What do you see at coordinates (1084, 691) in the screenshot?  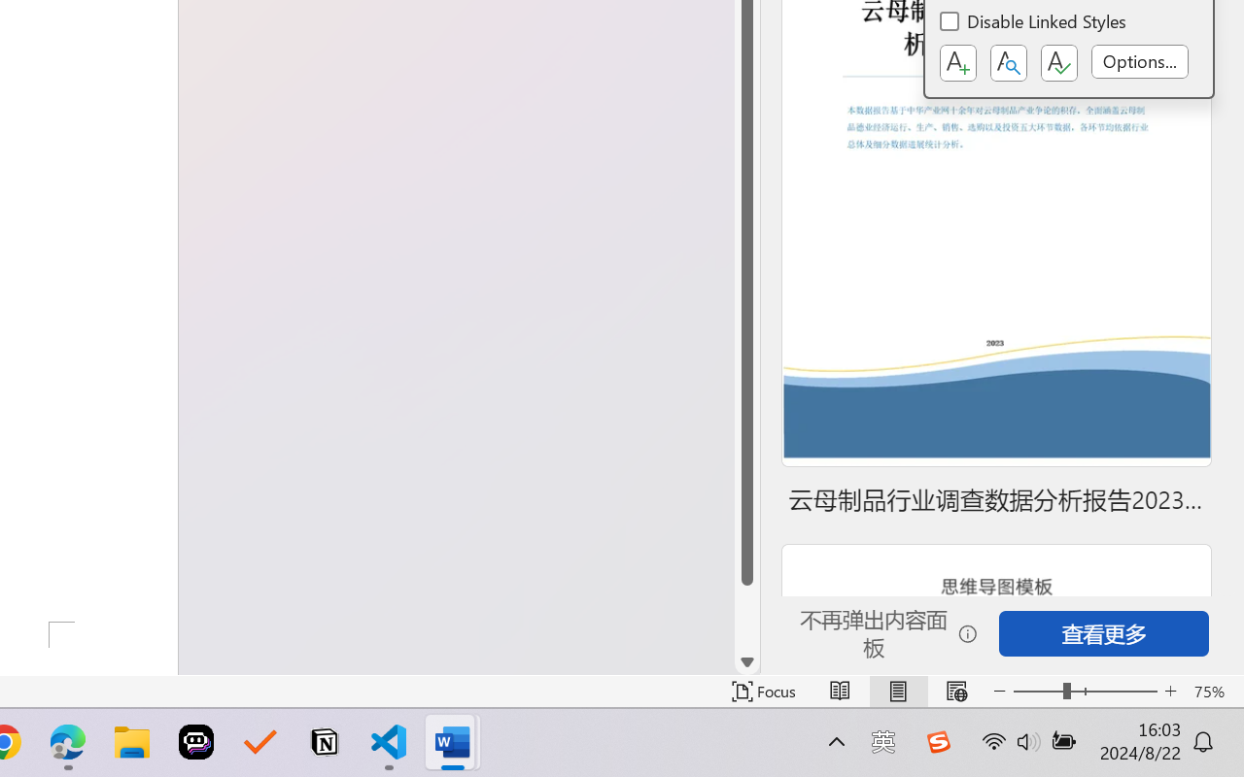 I see `'Zoom'` at bounding box center [1084, 691].